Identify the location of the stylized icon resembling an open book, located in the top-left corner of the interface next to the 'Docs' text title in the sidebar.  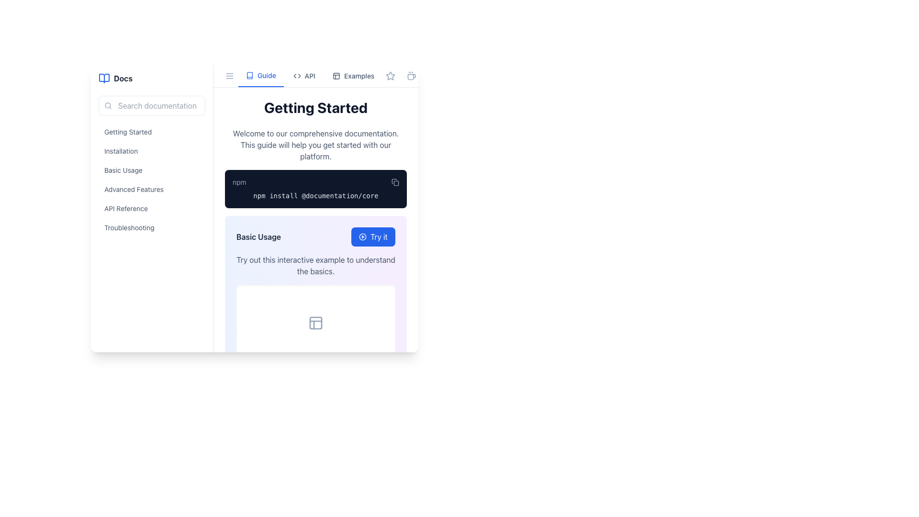
(104, 78).